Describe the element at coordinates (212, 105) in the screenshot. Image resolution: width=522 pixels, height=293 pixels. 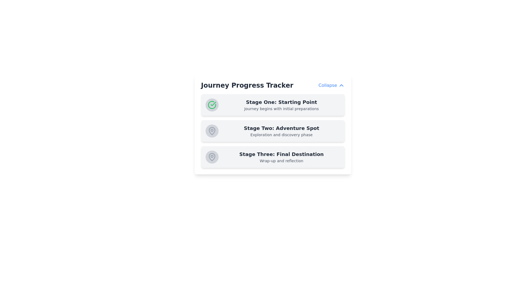
I see `details of the Status Indicator Icon, which visually indicates that 'Stage One: Starting Point' has been completed and is located to the left of the corresponding text in the 'Journey Progress Tracker' interface` at that location.